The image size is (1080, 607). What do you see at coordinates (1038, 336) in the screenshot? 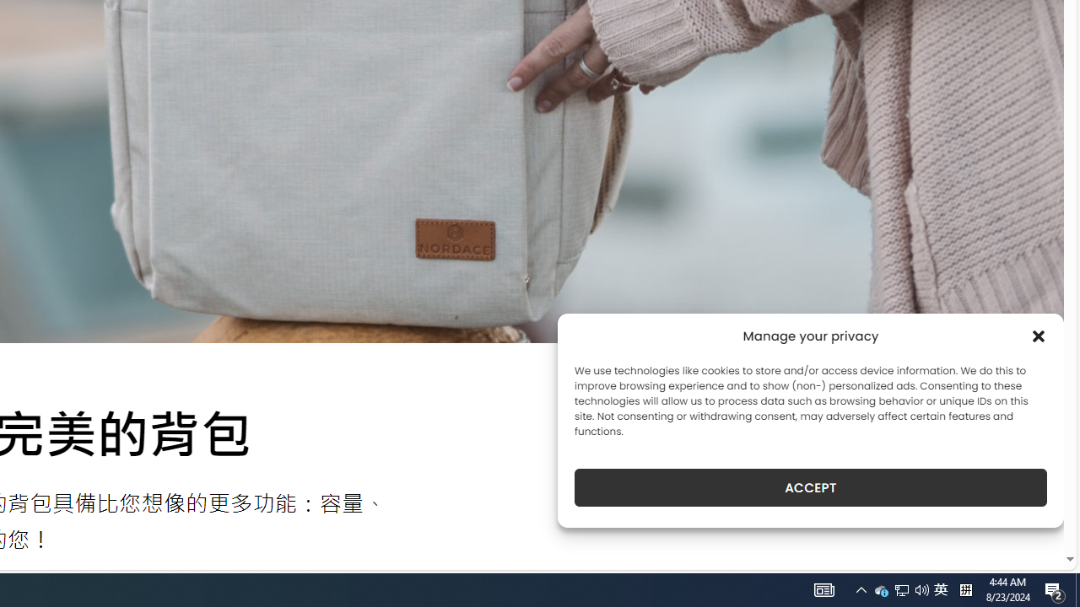
I see `'Class: cmplz-close'` at bounding box center [1038, 336].